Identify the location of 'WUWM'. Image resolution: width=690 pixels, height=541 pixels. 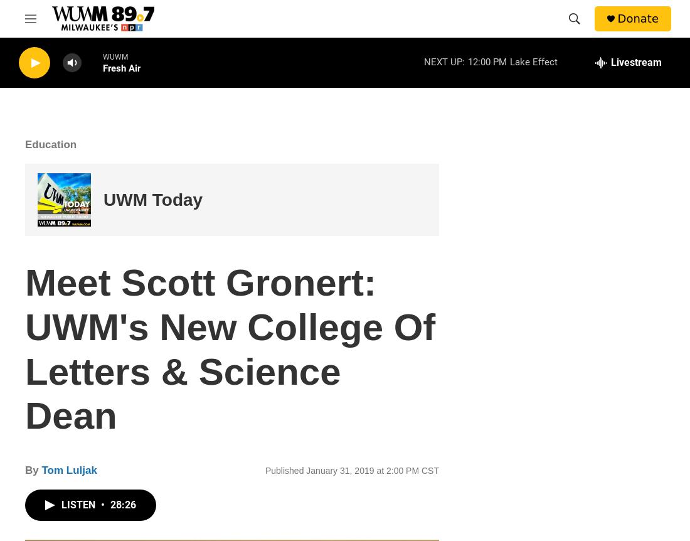
(115, 56).